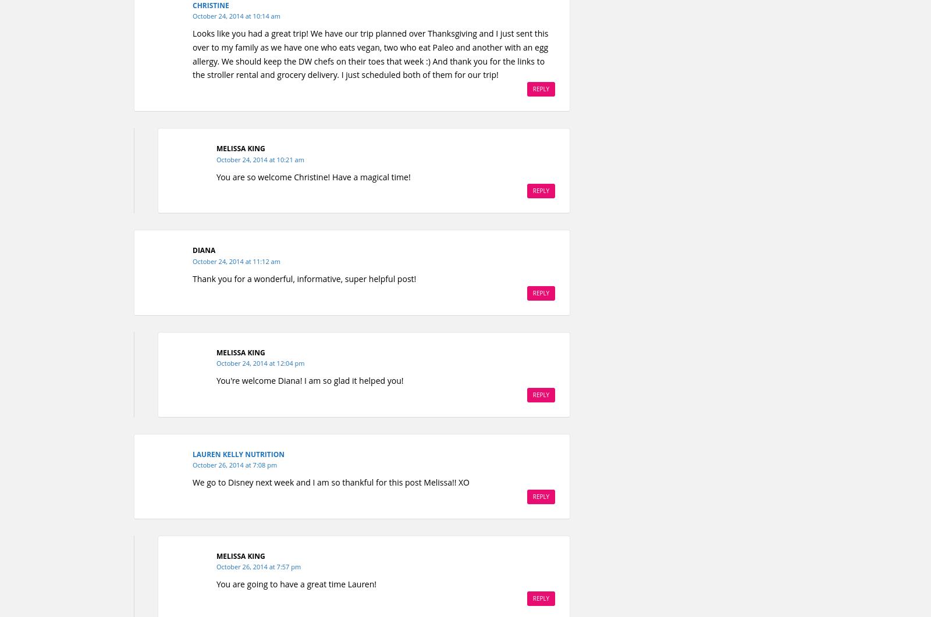 This screenshot has width=931, height=617. What do you see at coordinates (193, 54) in the screenshot?
I see `'Looks like you had a great trip!  We have our trip planned over Thanksgiving and I just sent this over to my family as we have one who eats vegan, two who eat Paleo and another with an egg allergy.  We should keep the DW chefs on their toes that week :)  And thank you for the links to the stroller rental and grocery delivery.  I just scheduled both of them for our trip!'` at bounding box center [193, 54].